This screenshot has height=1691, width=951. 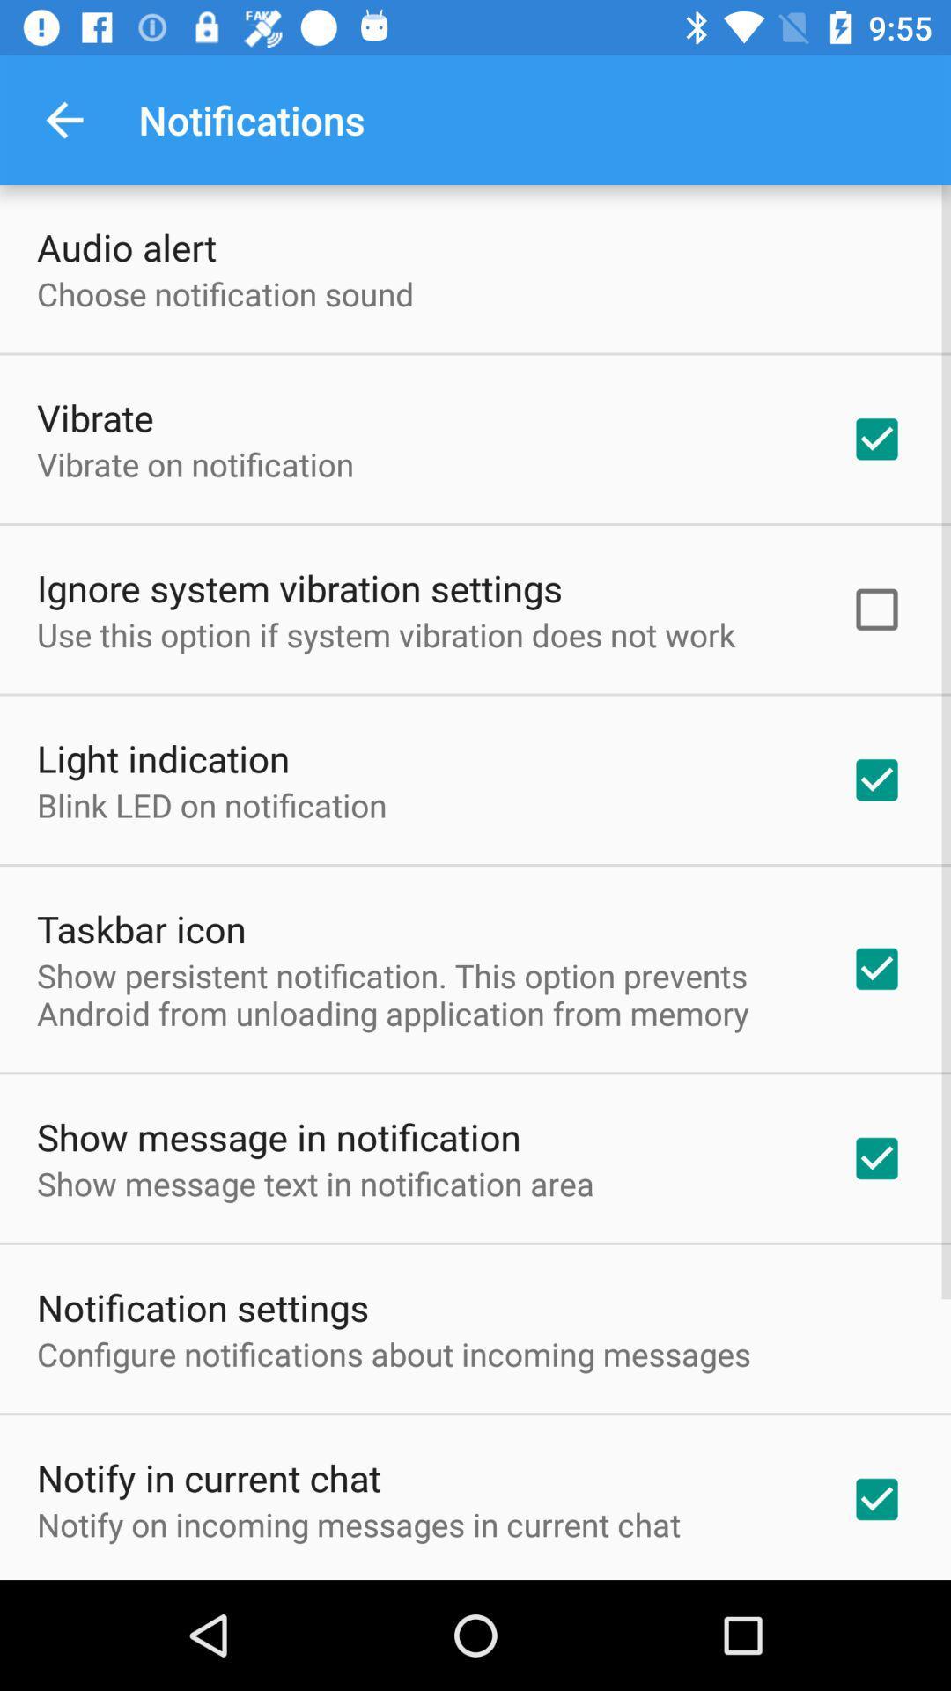 I want to click on the item below notification settings item, so click(x=393, y=1353).